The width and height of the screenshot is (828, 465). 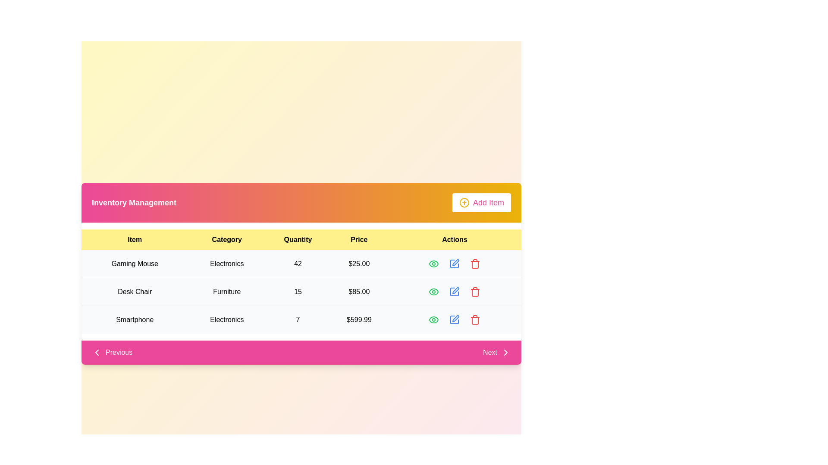 I want to click on the 'Electronics' text label in the second column of the third row of the inventory management table, so click(x=227, y=319).